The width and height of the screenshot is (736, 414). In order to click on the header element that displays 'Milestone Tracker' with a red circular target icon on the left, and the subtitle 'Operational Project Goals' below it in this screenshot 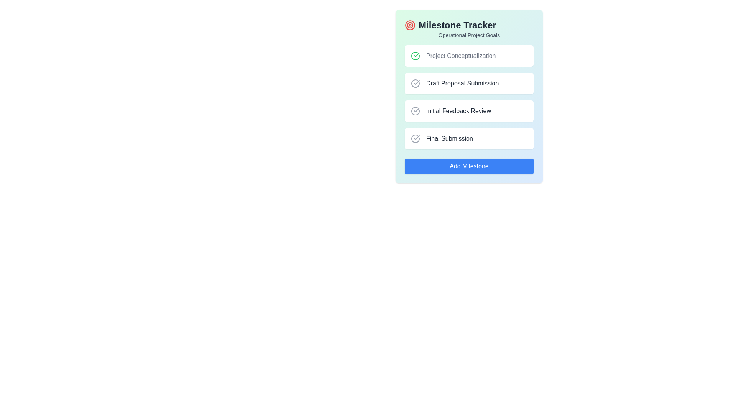, I will do `click(469, 29)`.